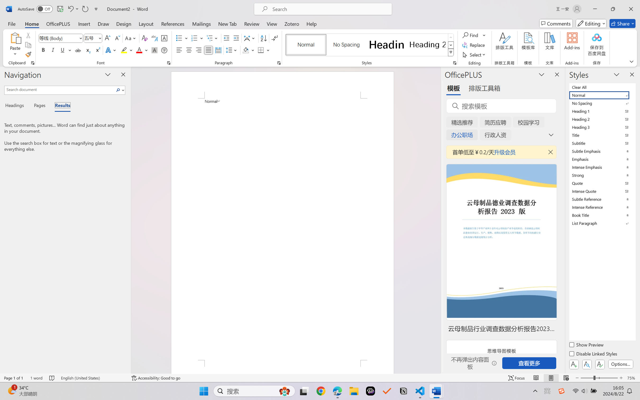 The image size is (640, 400). Describe the element at coordinates (232, 50) in the screenshot. I see `'Line and Paragraph Spacing'` at that location.